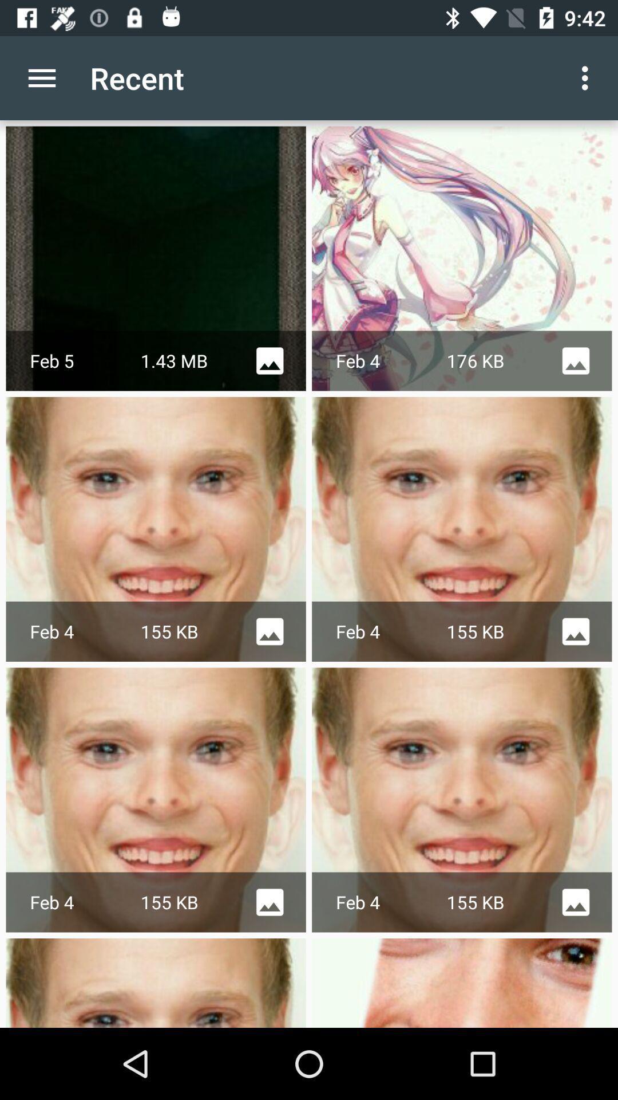 This screenshot has height=1100, width=618. Describe the element at coordinates (588, 77) in the screenshot. I see `the app next to the recent` at that location.